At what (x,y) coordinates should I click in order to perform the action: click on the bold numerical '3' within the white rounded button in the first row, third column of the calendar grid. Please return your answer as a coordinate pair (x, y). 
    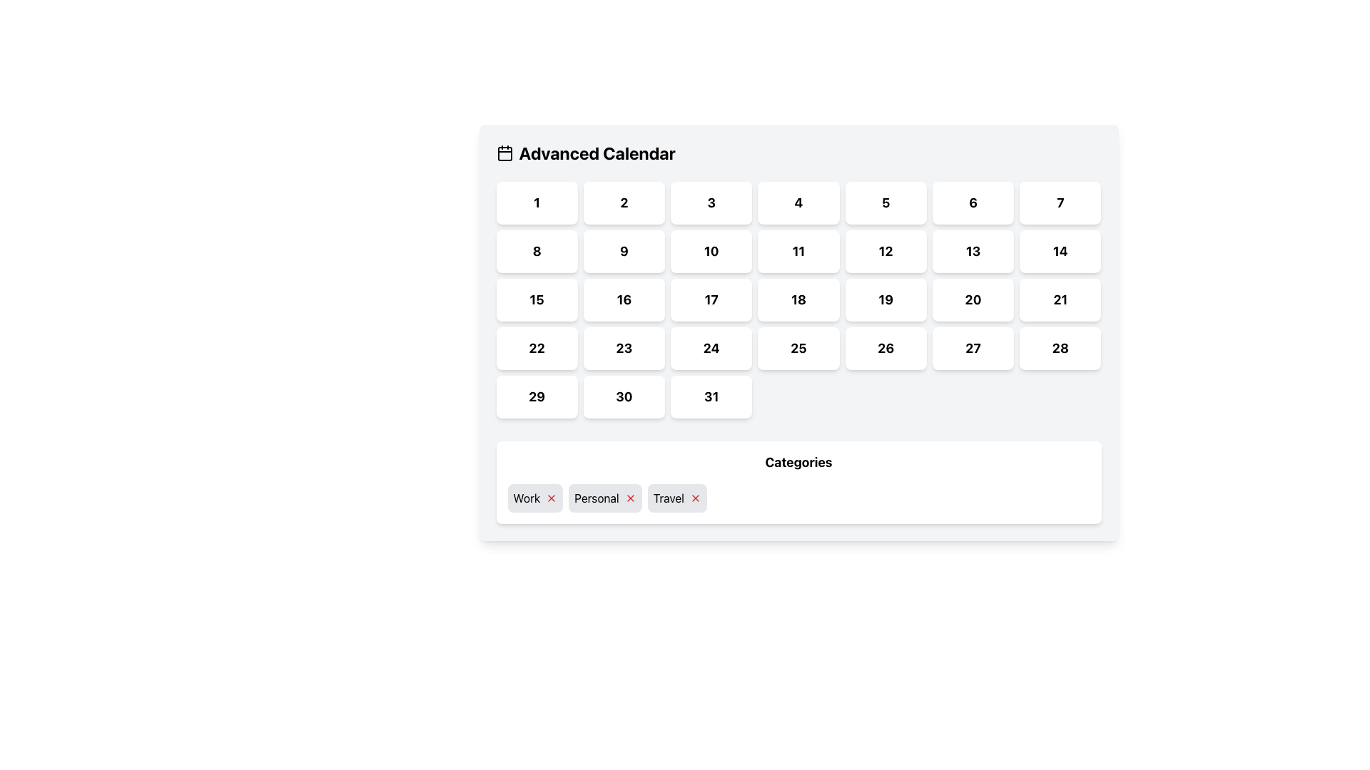
    Looking at the image, I should click on (711, 202).